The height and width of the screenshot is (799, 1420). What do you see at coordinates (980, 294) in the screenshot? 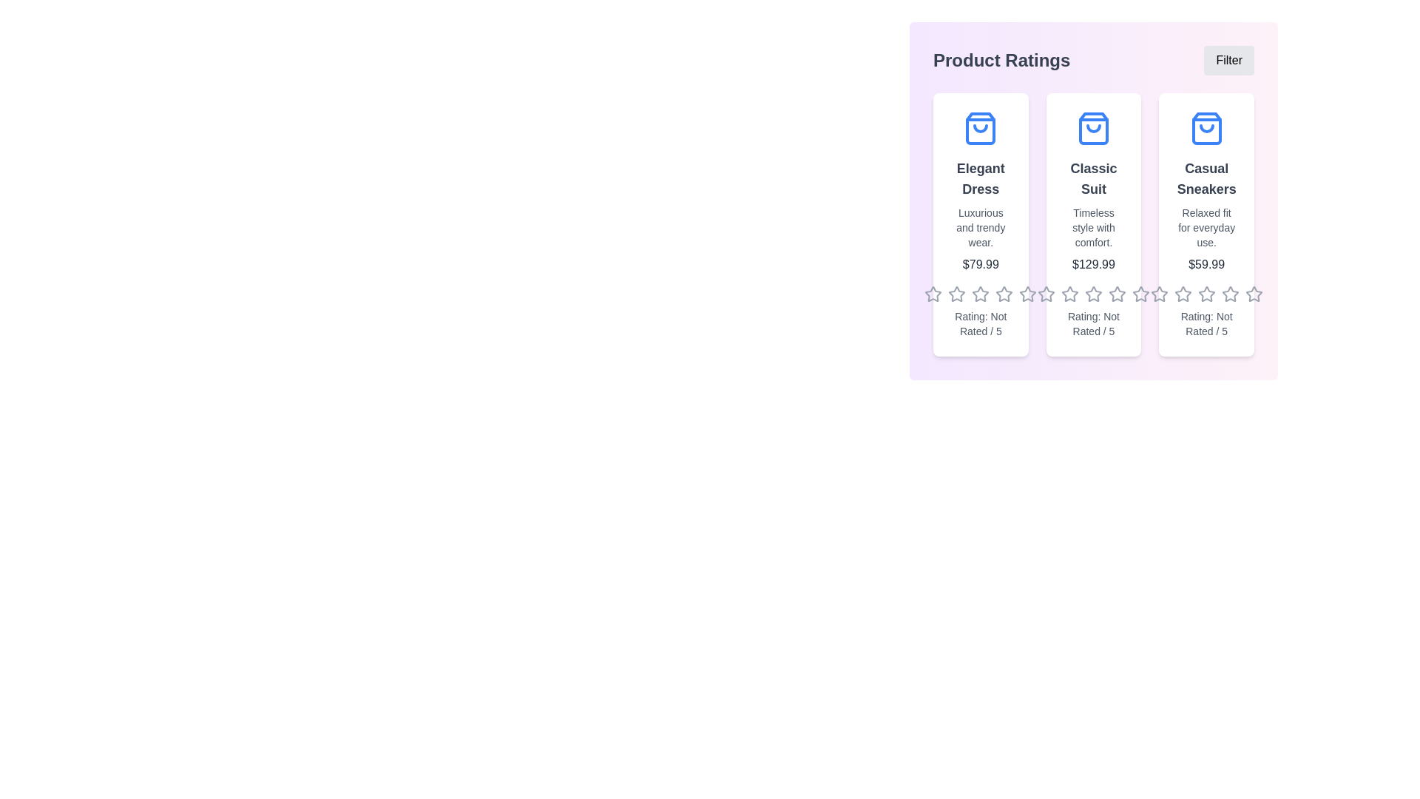
I see `the rating of a product to 3 stars by clicking on the respective star in the product's rating section` at bounding box center [980, 294].